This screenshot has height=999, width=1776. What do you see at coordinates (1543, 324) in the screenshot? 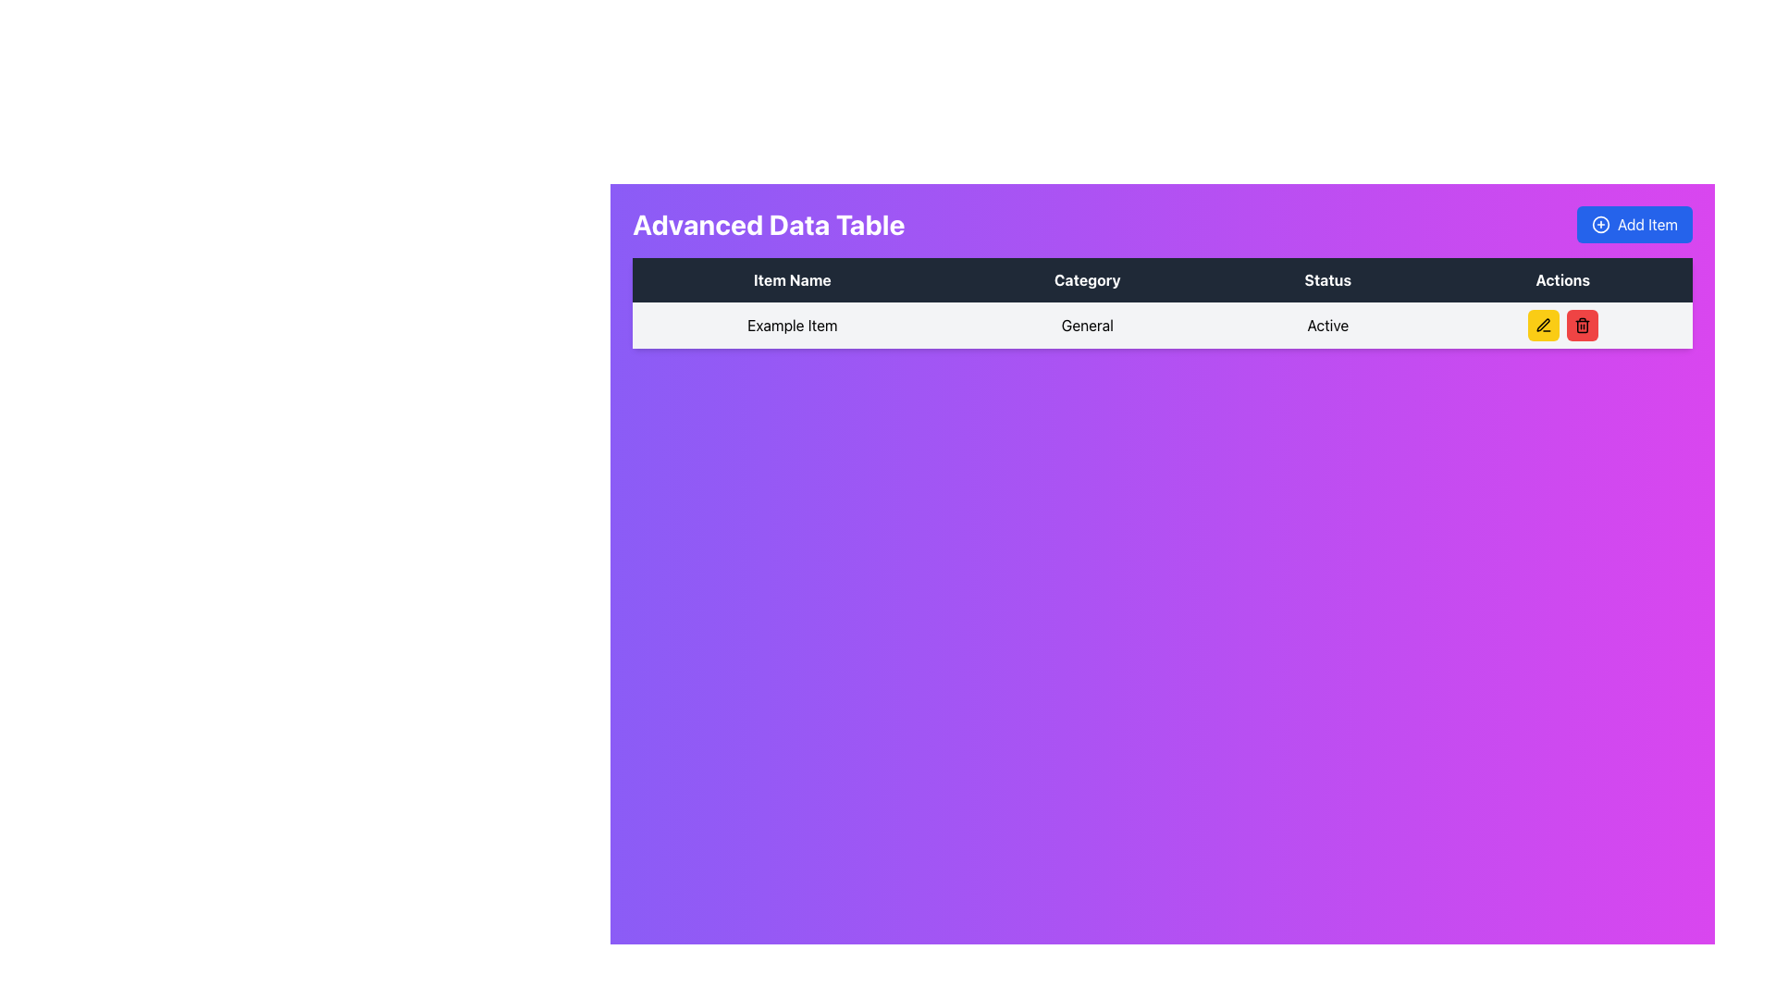
I see `the yellow rectangular button with rounded edges and a black pen icon, which is the first button in the 'Actions' column of the data table` at bounding box center [1543, 324].